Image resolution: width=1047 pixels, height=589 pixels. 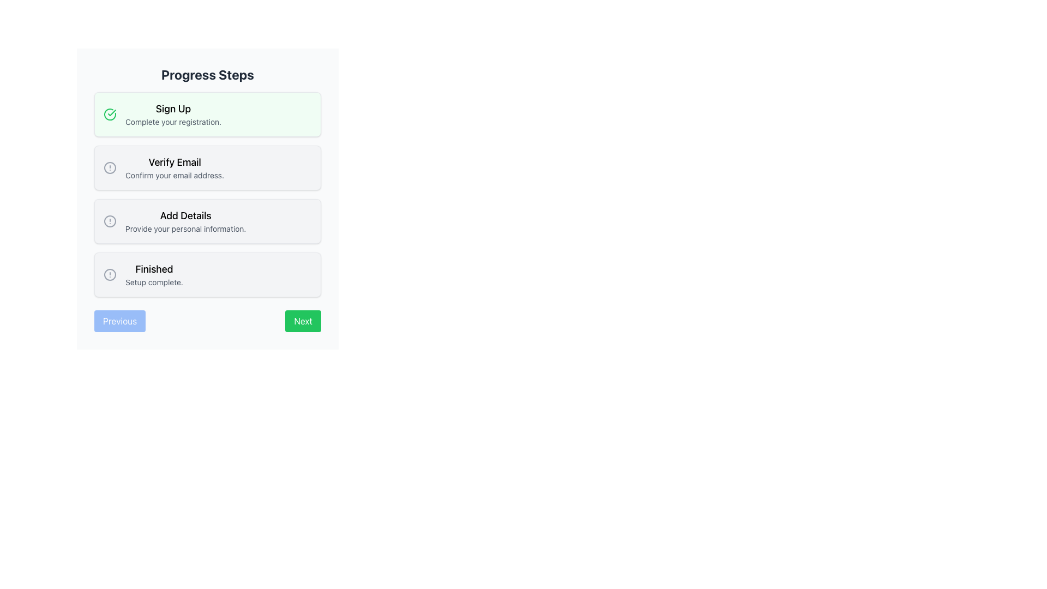 I want to click on the Informational Card that indicates a step for providing personal information, located between the 'Verify Email' and 'Finished' cards in the vertical list, so click(x=207, y=221).